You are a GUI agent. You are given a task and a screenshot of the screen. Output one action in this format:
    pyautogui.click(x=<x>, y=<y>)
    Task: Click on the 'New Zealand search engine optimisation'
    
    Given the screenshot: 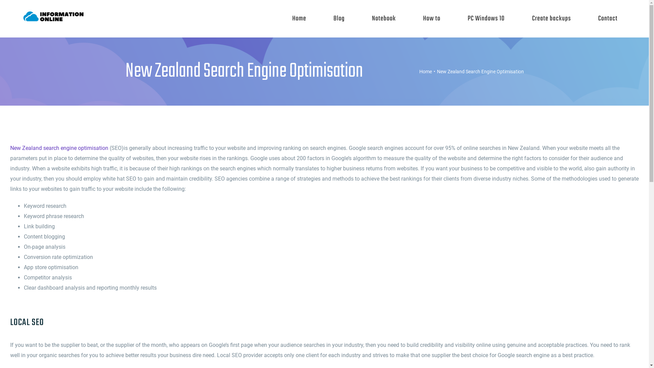 What is the action you would take?
    pyautogui.click(x=59, y=148)
    